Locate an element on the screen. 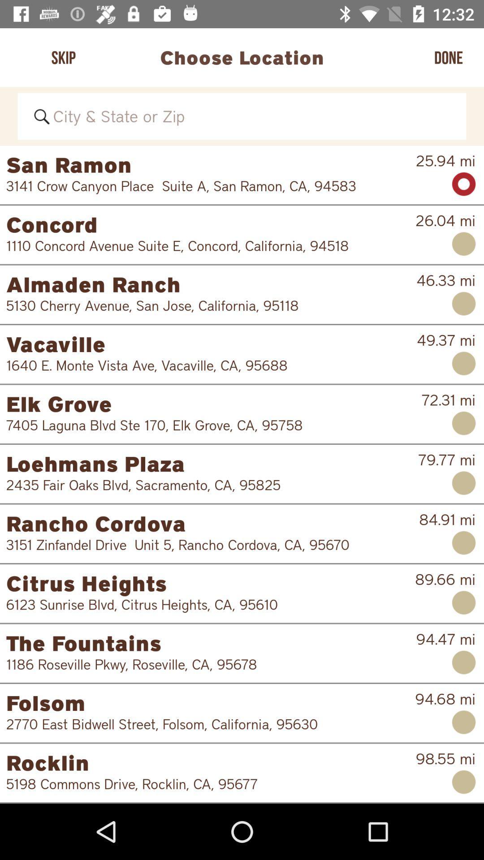 Image resolution: width=484 pixels, height=860 pixels. item above the 2435 fair oaks icon is located at coordinates (212, 464).